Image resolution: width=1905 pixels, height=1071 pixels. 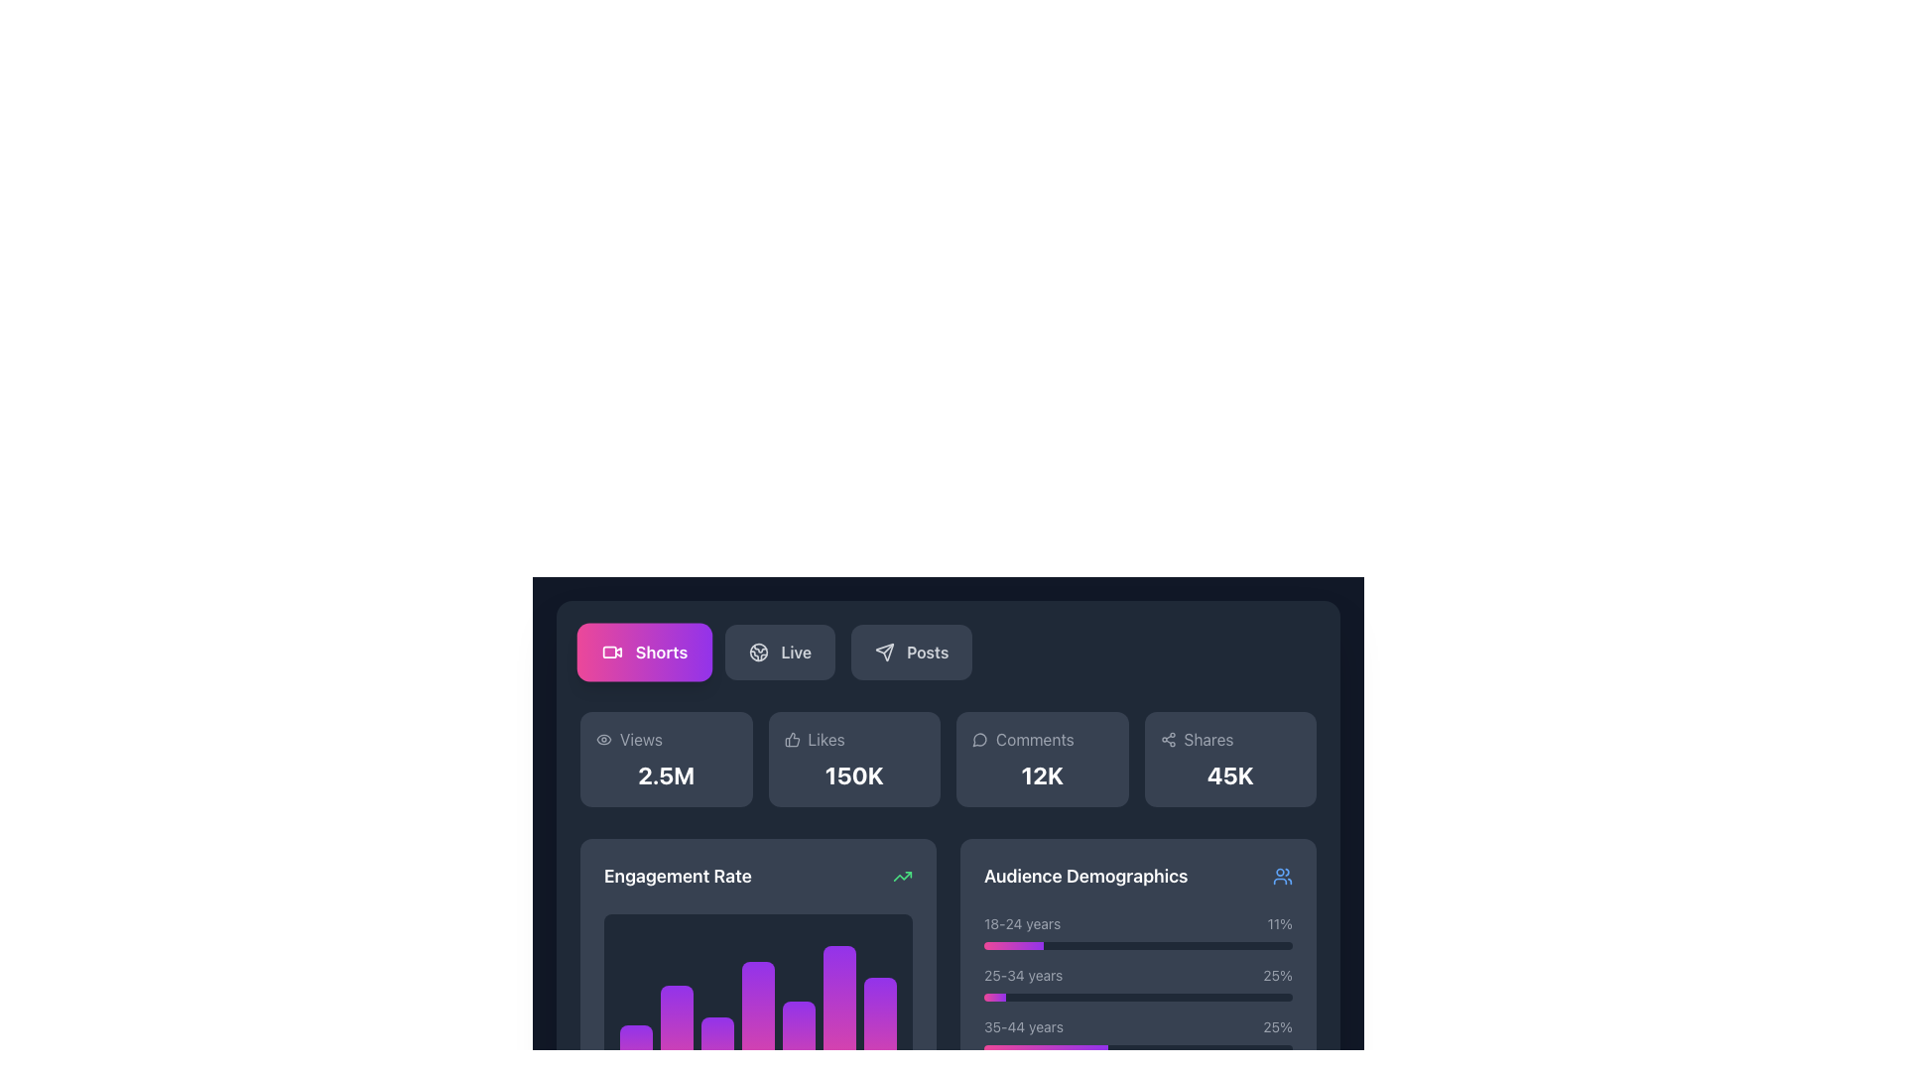 I want to click on the text label that describes the like count, which is positioned to the right of the thumbs-up icon and enhances user understanding of the associated metric, so click(x=826, y=739).